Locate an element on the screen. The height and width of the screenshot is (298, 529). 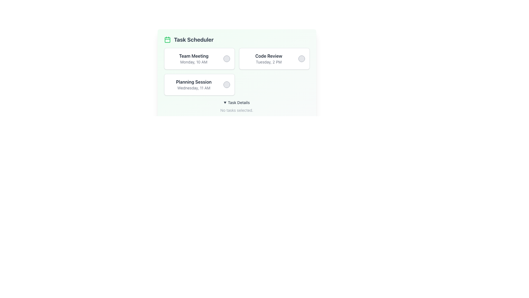
the circular indicator button located in the bottom-left quadrant of the 'Planning Session - Wednesday, 11 AM' section is located at coordinates (226, 85).